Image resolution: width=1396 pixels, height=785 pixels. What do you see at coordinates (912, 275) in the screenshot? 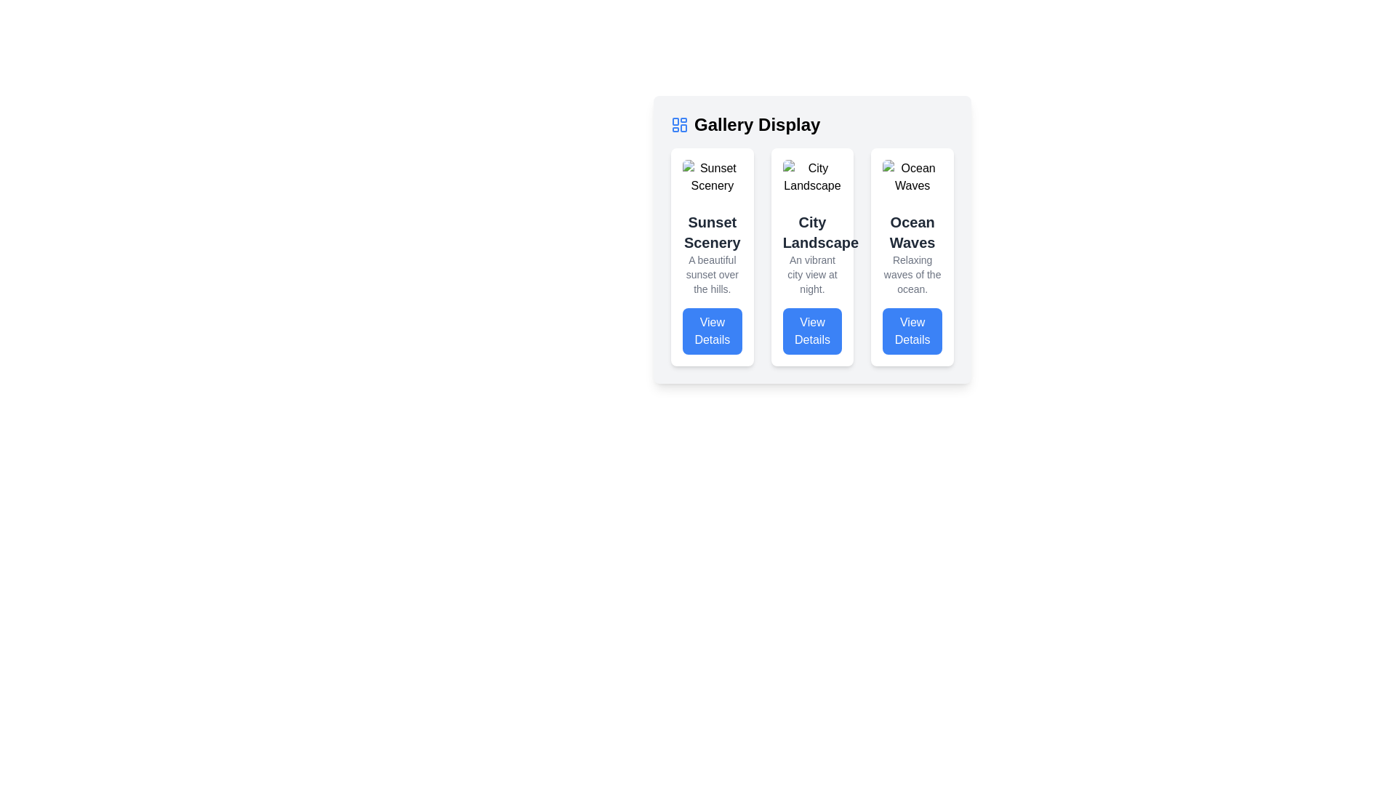
I see `the descriptive text label displaying 'Relaxing waves of the ocean.' which is located below the heading 'Ocean Waves' and above the 'View Details' button in the 'Ocean Waves' card component` at bounding box center [912, 275].